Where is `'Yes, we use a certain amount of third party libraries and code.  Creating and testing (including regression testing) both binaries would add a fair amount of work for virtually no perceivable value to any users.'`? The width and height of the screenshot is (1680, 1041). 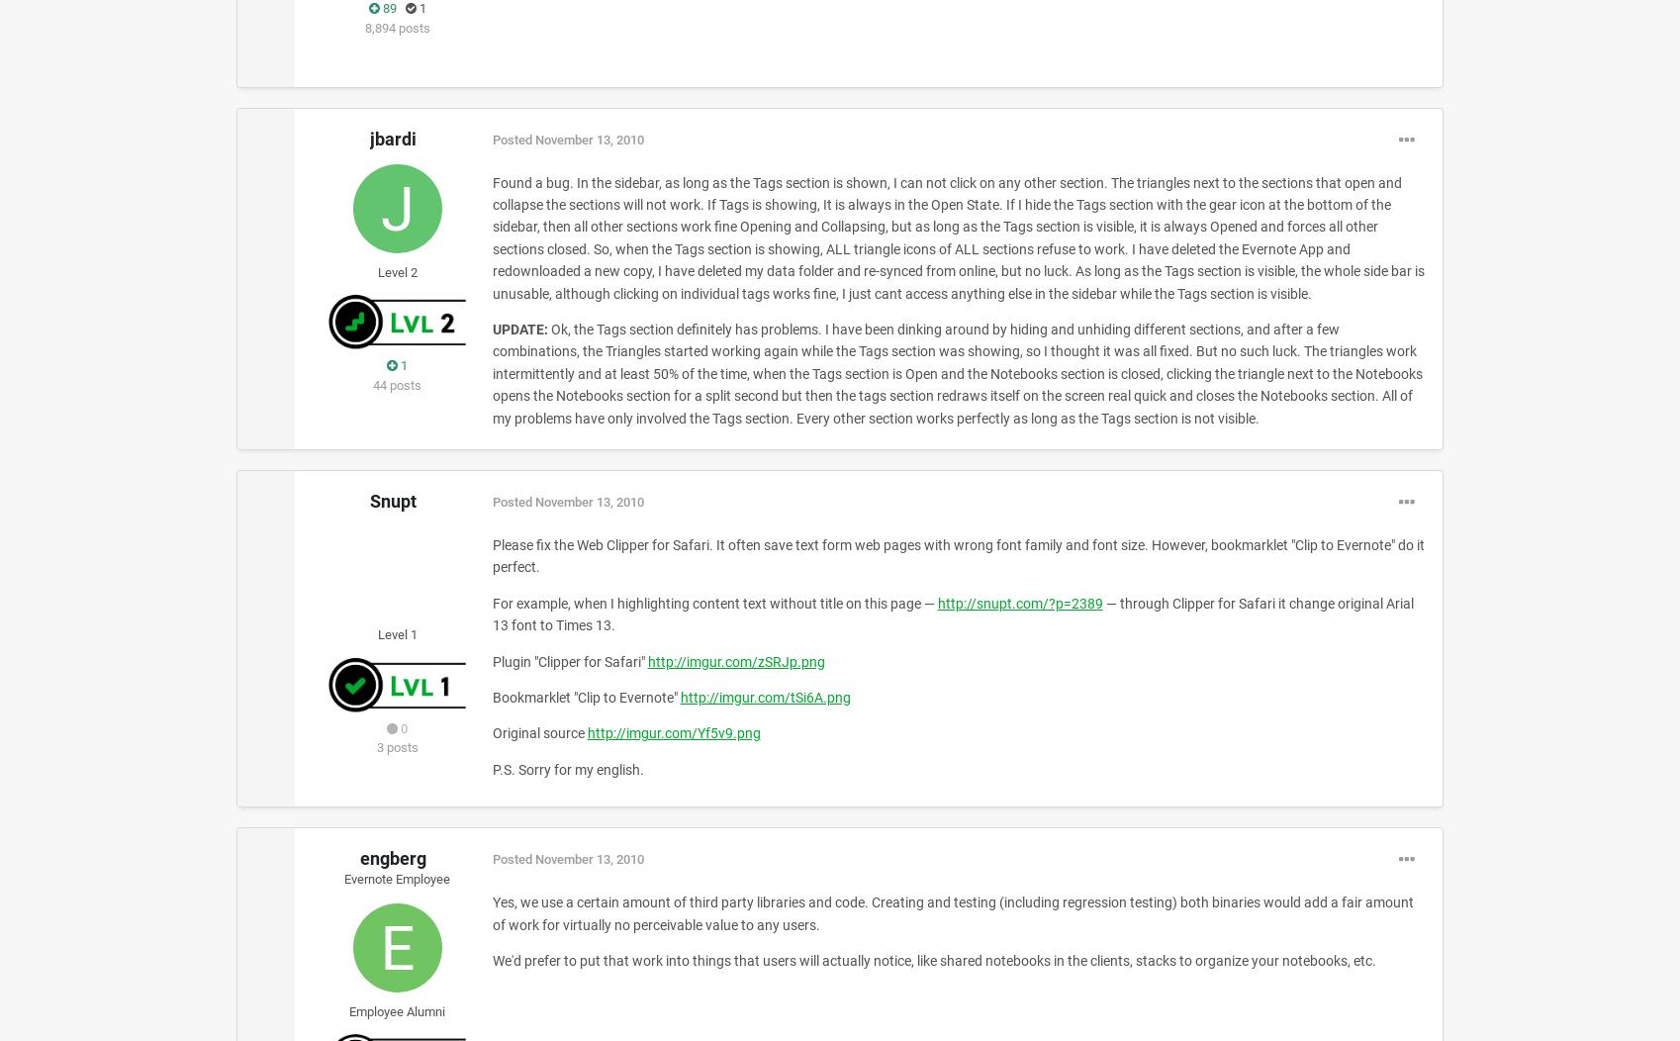
'Yes, we use a certain amount of third party libraries and code.  Creating and testing (including regression testing) both binaries would add a fair amount of work for virtually no perceivable value to any users.' is located at coordinates (951, 912).